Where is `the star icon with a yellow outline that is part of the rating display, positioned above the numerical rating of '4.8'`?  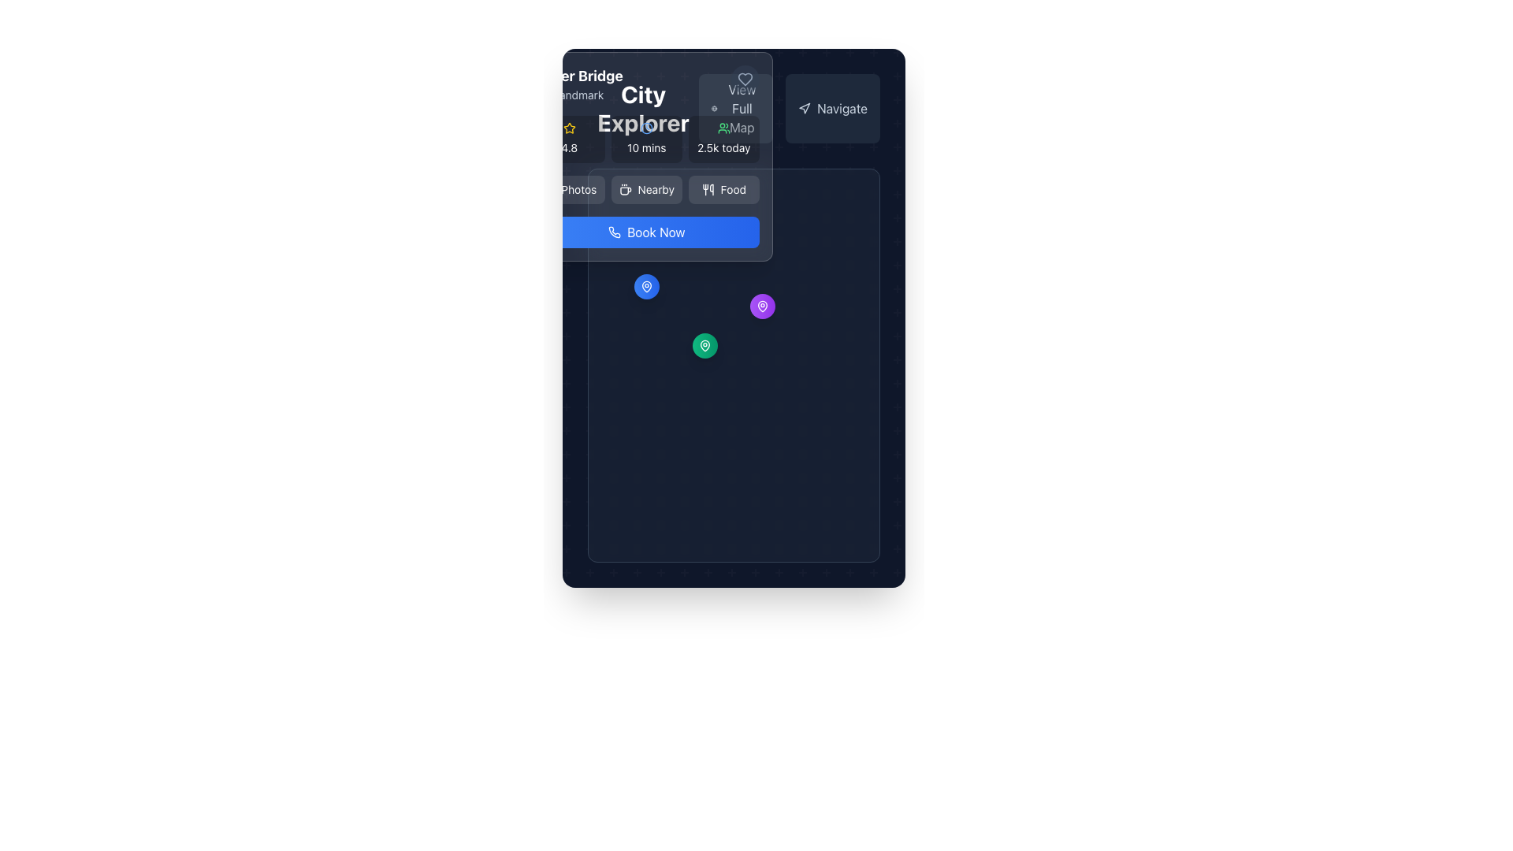
the star icon with a yellow outline that is part of the rating display, positioned above the numerical rating of '4.8' is located at coordinates (568, 128).